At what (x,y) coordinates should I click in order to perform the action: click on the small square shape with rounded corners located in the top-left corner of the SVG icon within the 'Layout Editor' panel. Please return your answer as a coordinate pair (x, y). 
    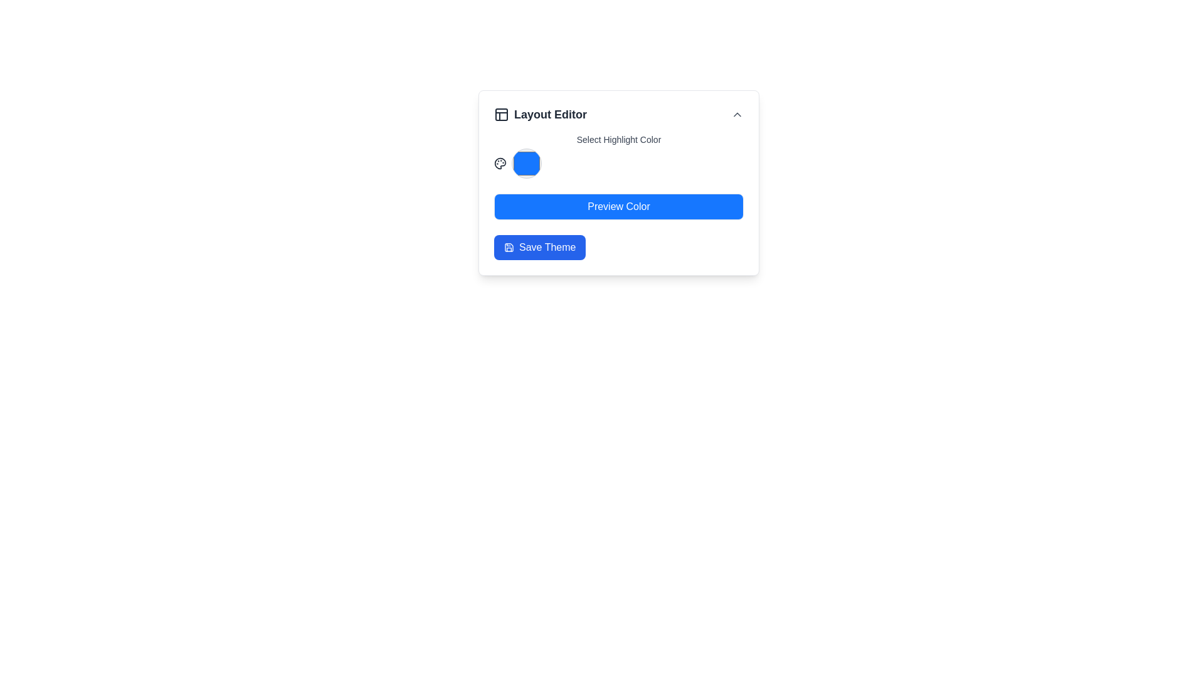
    Looking at the image, I should click on (502, 114).